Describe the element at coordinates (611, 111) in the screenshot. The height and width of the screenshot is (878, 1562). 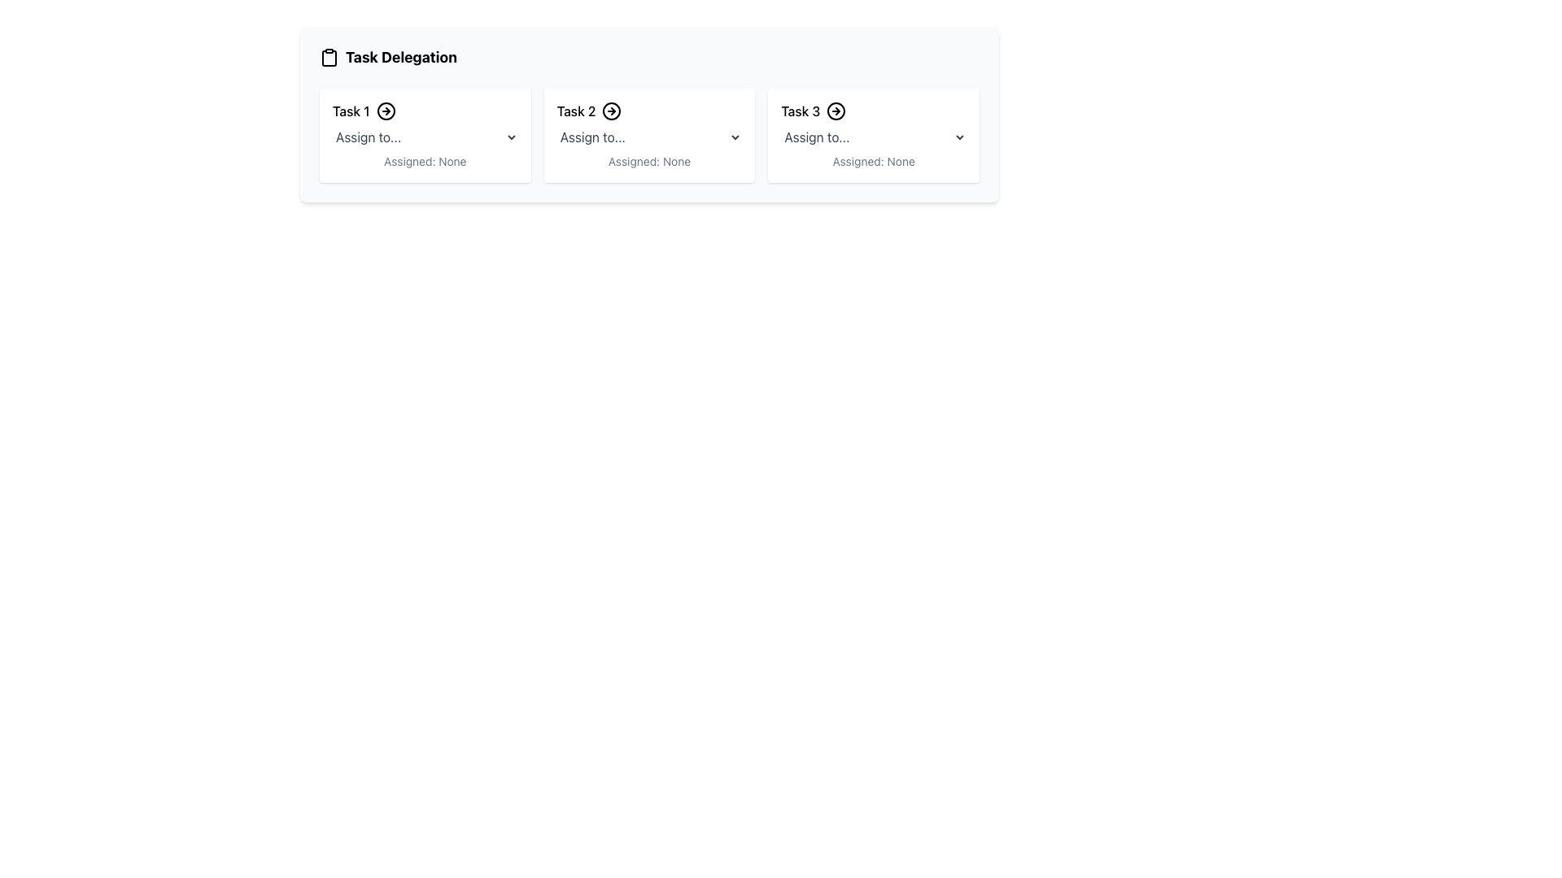
I see `the Circular visual component within the icon of the second task card titled 'Task 2' in the Task Delegation section` at that location.